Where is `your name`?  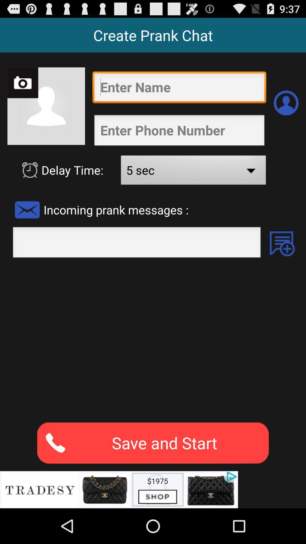
your name is located at coordinates (179, 88).